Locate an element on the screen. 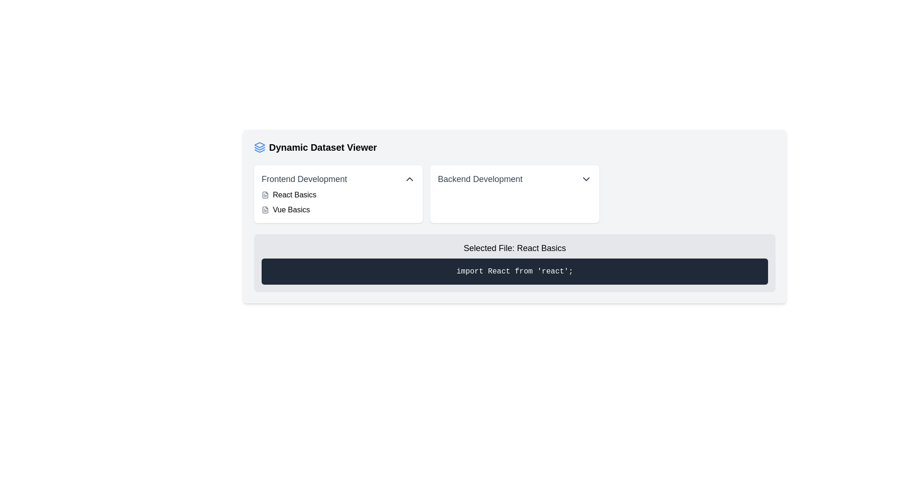 The width and height of the screenshot is (897, 504). the file icon for 'Vue Basics' located in the left portion of the interface near the 'Frontend Development' section is located at coordinates (264, 210).